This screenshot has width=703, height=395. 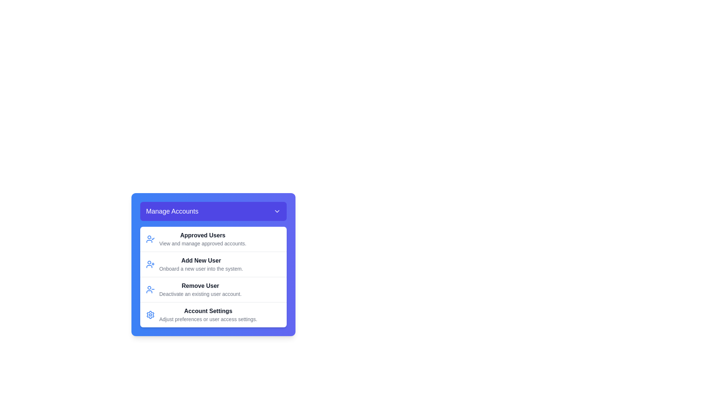 I want to click on the blue user figure SVG icon with a plus sign next to it, located to the left of the 'Add New User' button in the 'Manage Accounts' dropdown menu, so click(x=150, y=264).